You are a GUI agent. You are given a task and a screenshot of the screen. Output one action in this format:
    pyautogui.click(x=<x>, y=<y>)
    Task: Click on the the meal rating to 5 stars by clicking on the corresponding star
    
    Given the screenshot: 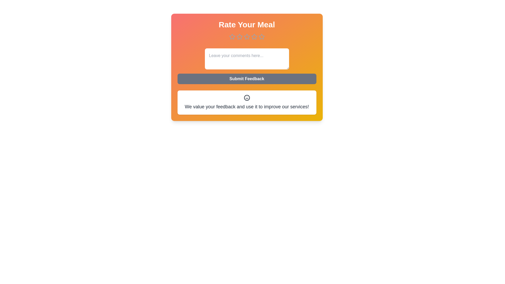 What is the action you would take?
    pyautogui.click(x=261, y=36)
    